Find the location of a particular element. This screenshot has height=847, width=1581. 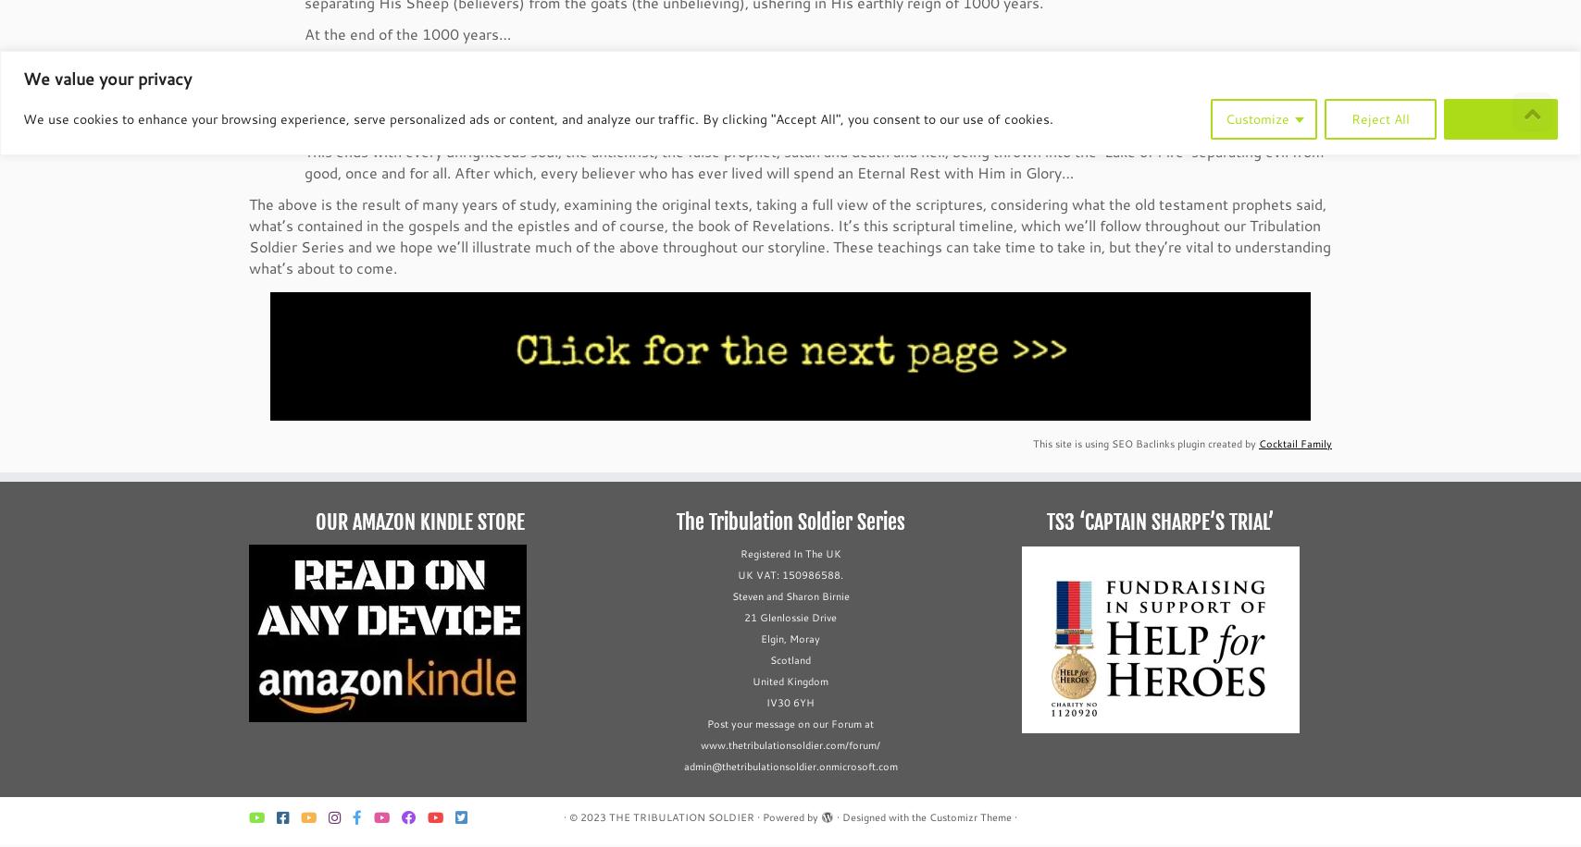

'Reject All' is located at coordinates (1351, 117).